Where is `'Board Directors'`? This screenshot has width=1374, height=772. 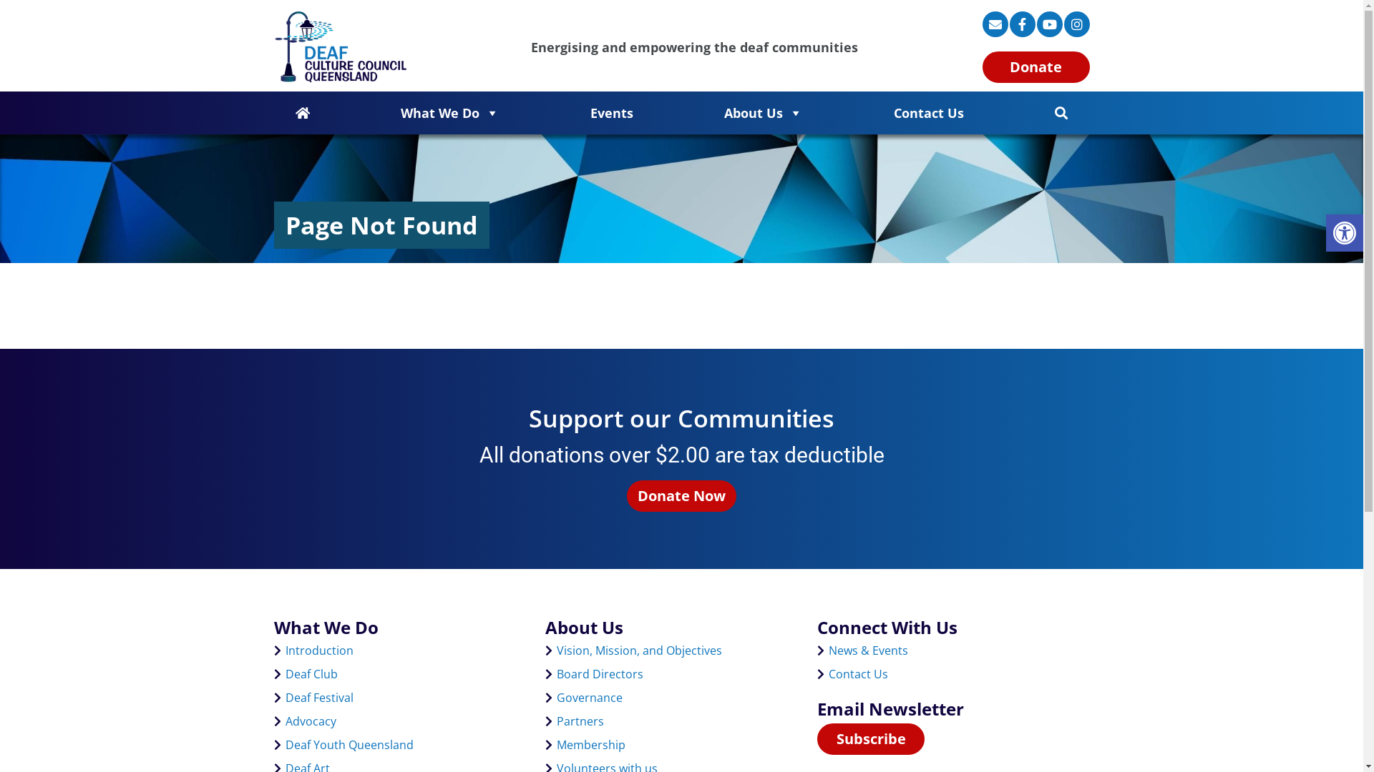
'Board Directors' is located at coordinates (600, 673).